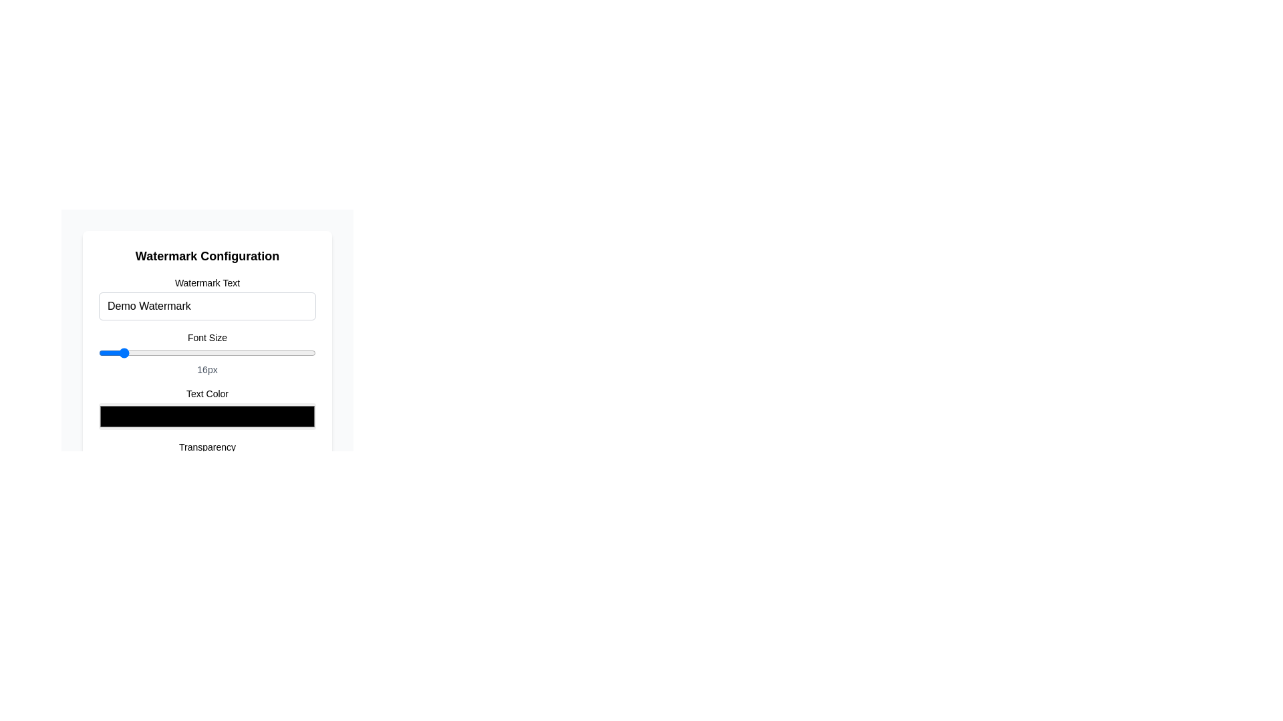 Image resolution: width=1283 pixels, height=721 pixels. What do you see at coordinates (206, 352) in the screenshot?
I see `the blue knob of the horizontal slider input` at bounding box center [206, 352].